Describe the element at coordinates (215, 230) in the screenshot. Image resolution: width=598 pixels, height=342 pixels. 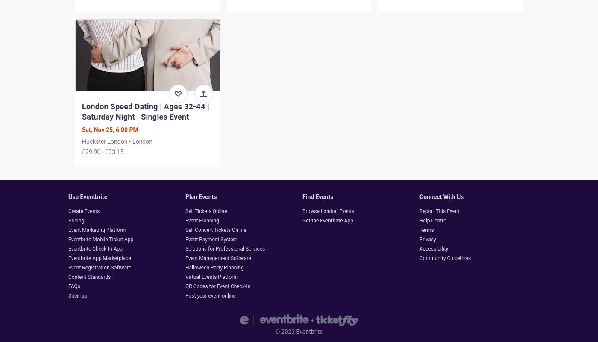
I see `'Sell Concert Tickets Online'` at that location.